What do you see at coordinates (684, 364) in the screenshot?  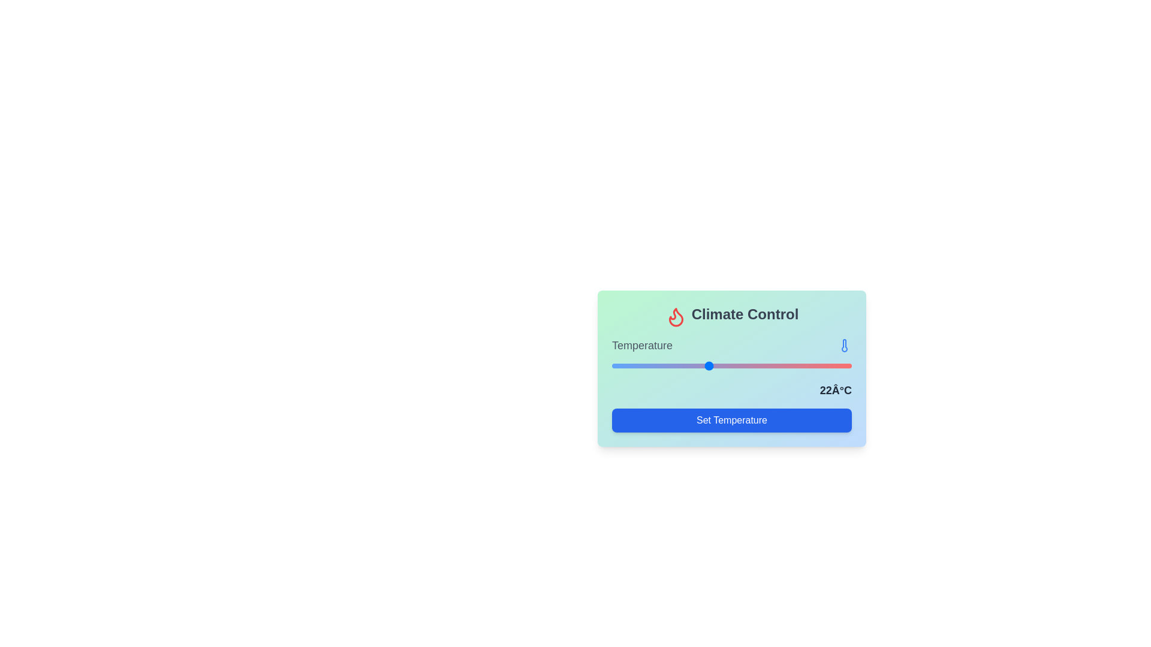 I see `the temperature slider to set the temperature to 19 degrees Celsius` at bounding box center [684, 364].